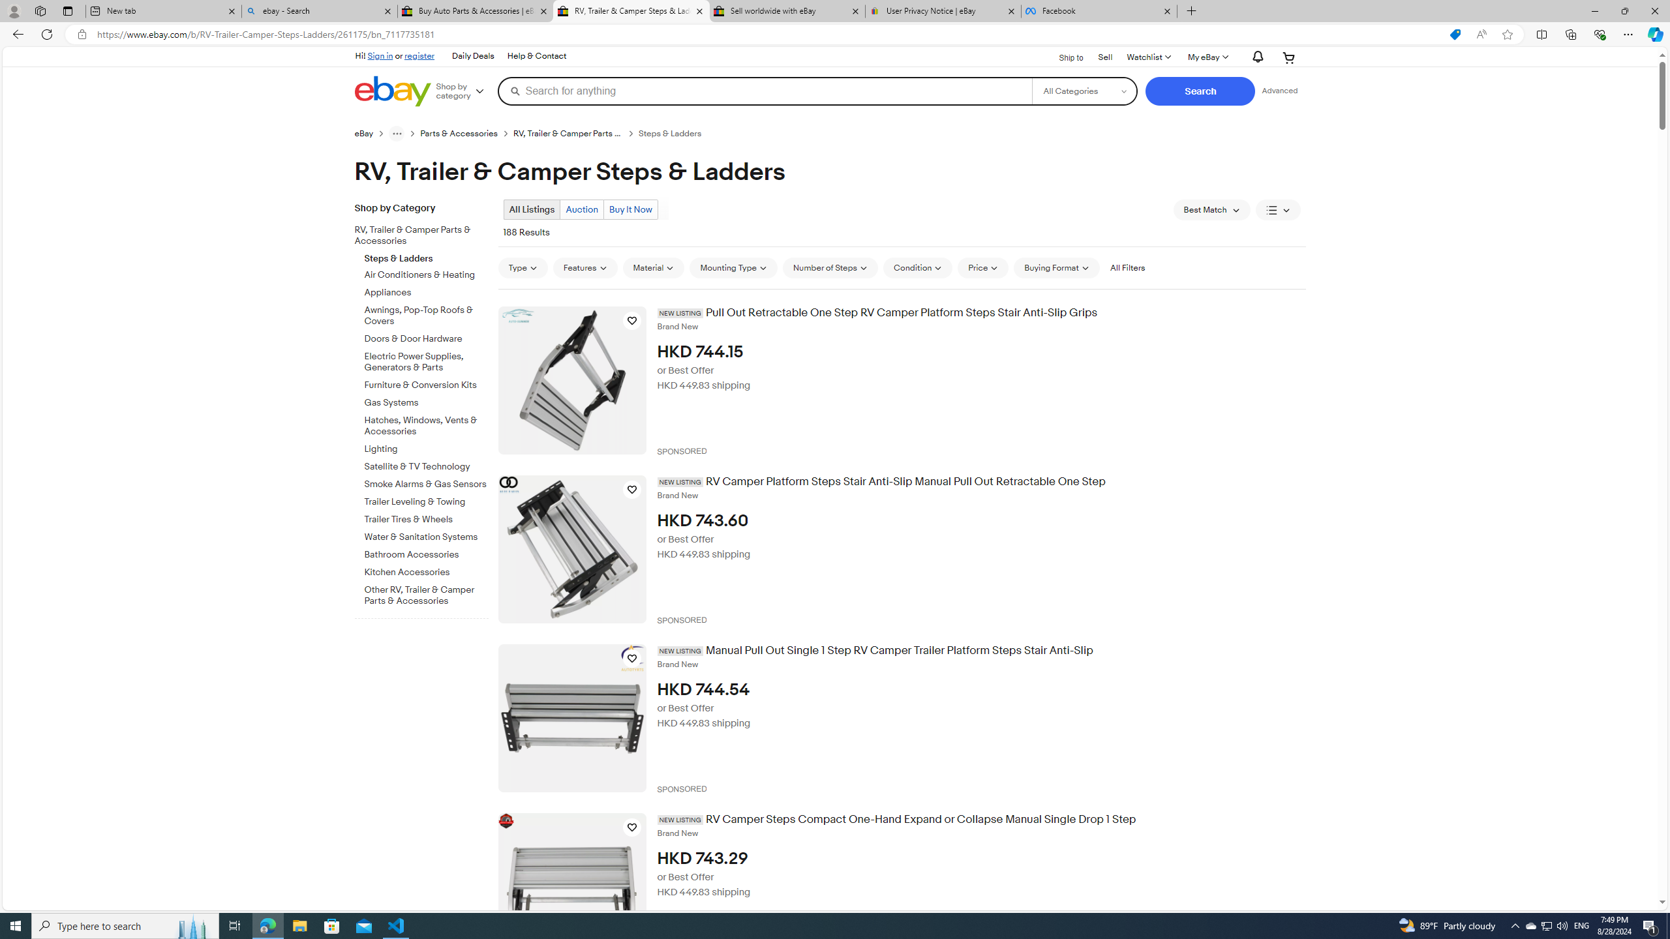  I want to click on 'Restore', so click(1624, 10).